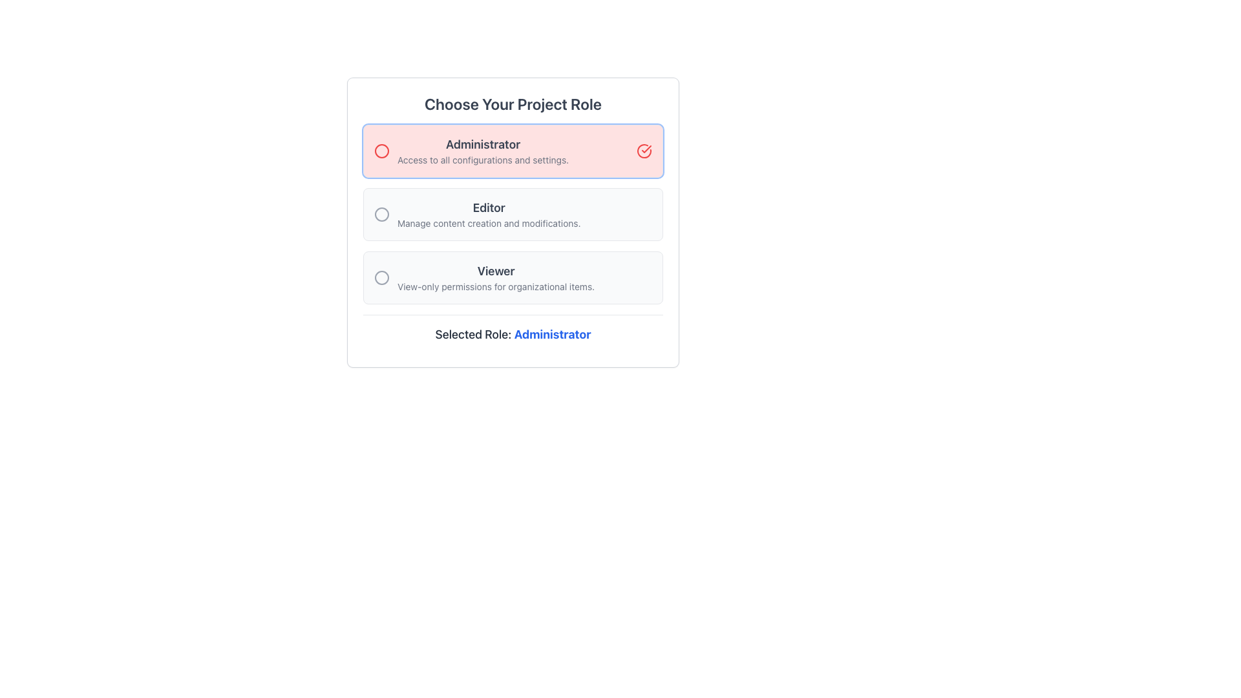 The width and height of the screenshot is (1241, 698). I want to click on the 'Editor' text label, which is displayed in bold gray font and located in the second role selection card, positioned between the 'Administrator' and 'Viewer' cards, so click(488, 207).